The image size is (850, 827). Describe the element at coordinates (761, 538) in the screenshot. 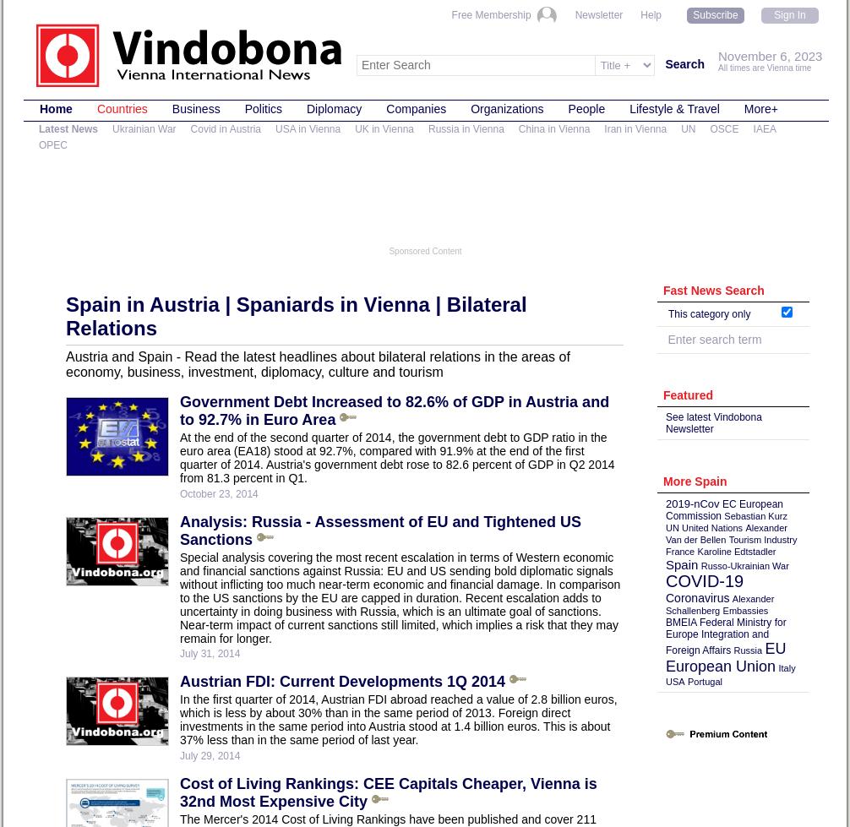

I see `'Tourism Industry'` at that location.